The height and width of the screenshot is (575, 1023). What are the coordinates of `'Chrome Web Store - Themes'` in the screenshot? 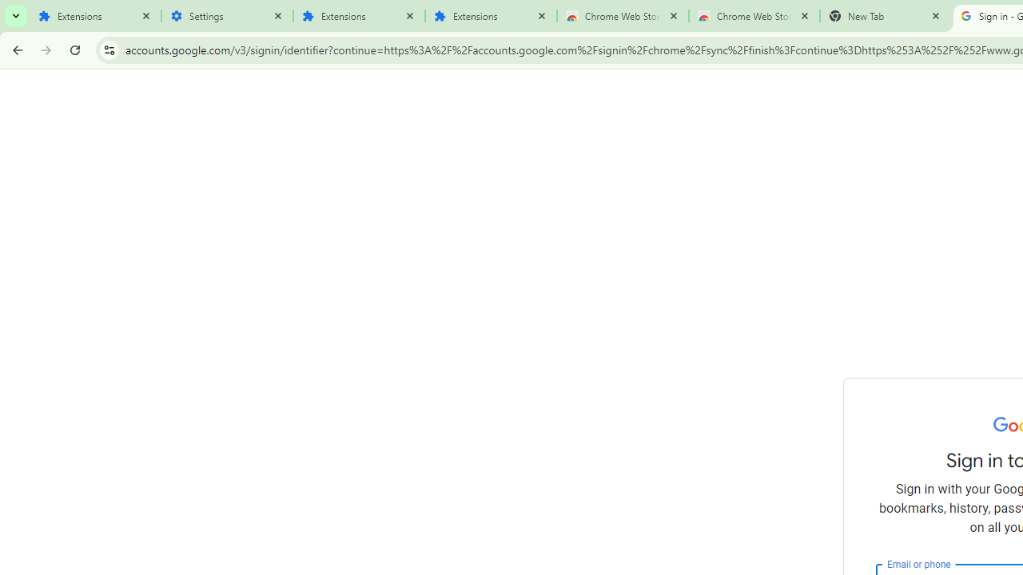 It's located at (754, 16).